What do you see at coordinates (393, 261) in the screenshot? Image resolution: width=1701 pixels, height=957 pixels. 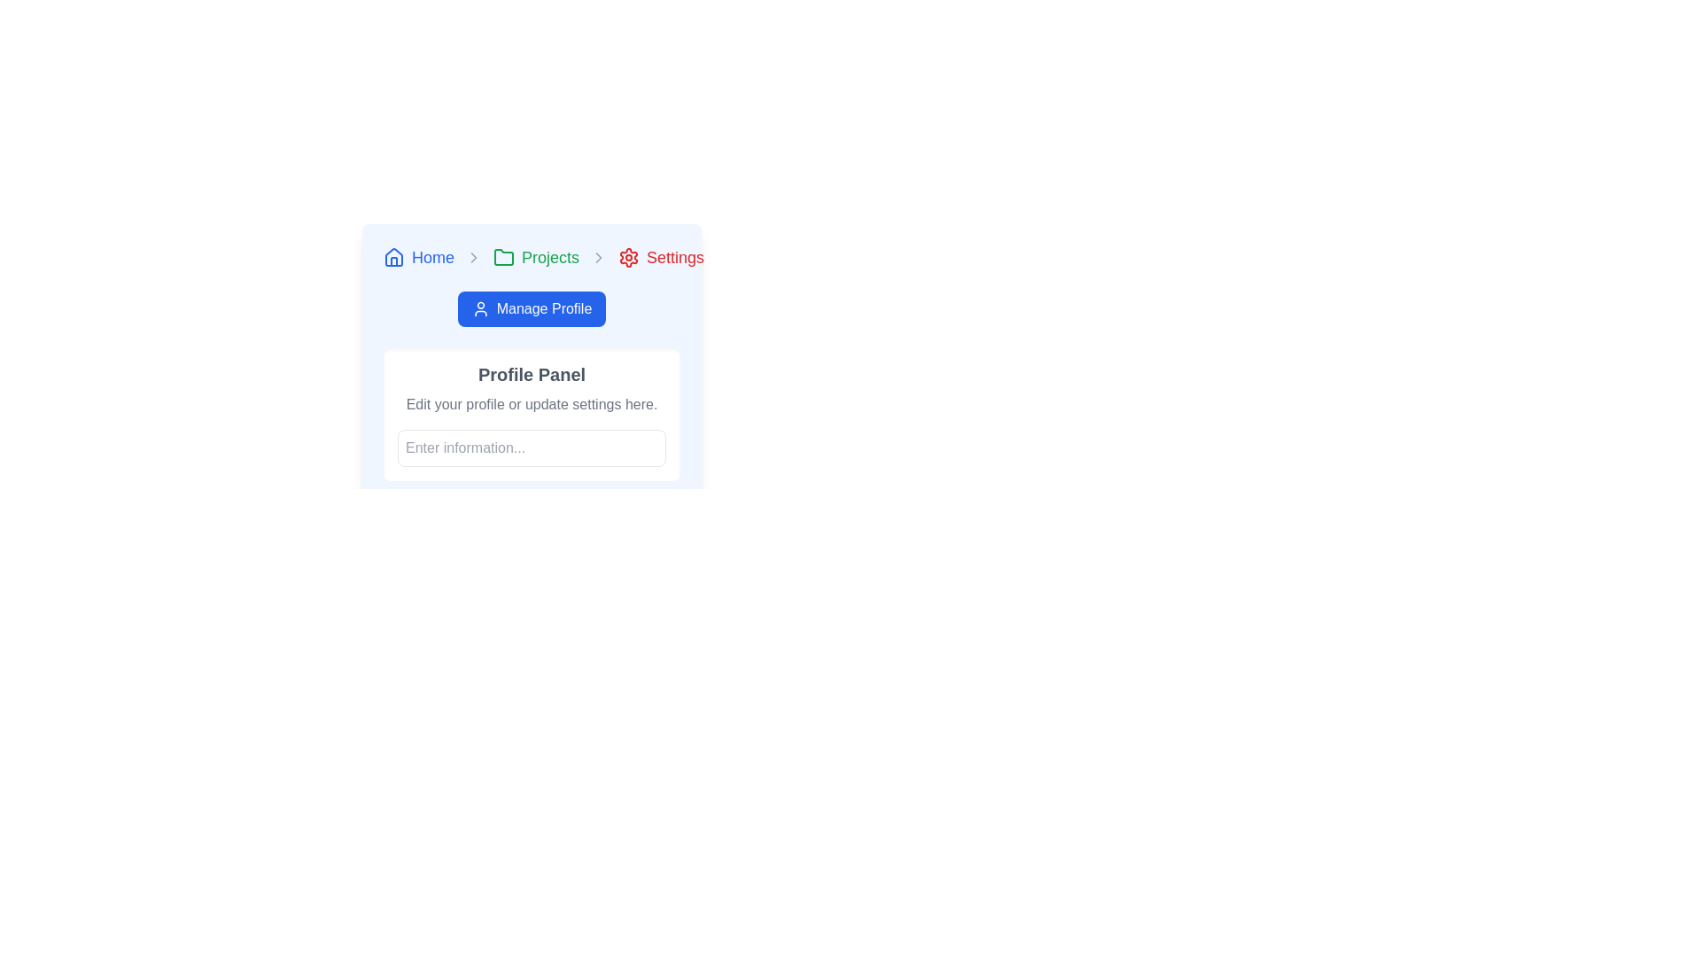 I see `the door icon of the house navigation element labeled 'Home'` at bounding box center [393, 261].